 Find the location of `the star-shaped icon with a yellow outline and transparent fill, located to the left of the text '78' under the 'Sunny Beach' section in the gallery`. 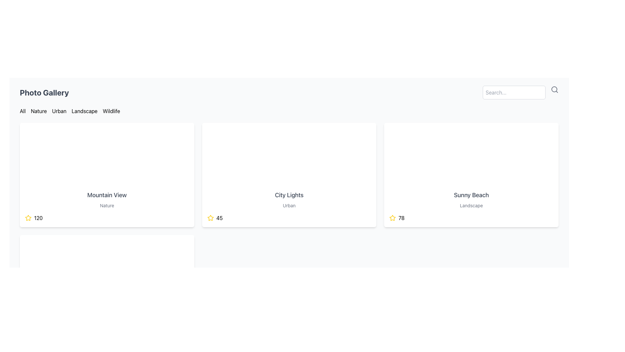

the star-shaped icon with a yellow outline and transparent fill, located to the left of the text '78' under the 'Sunny Beach' section in the gallery is located at coordinates (392, 218).